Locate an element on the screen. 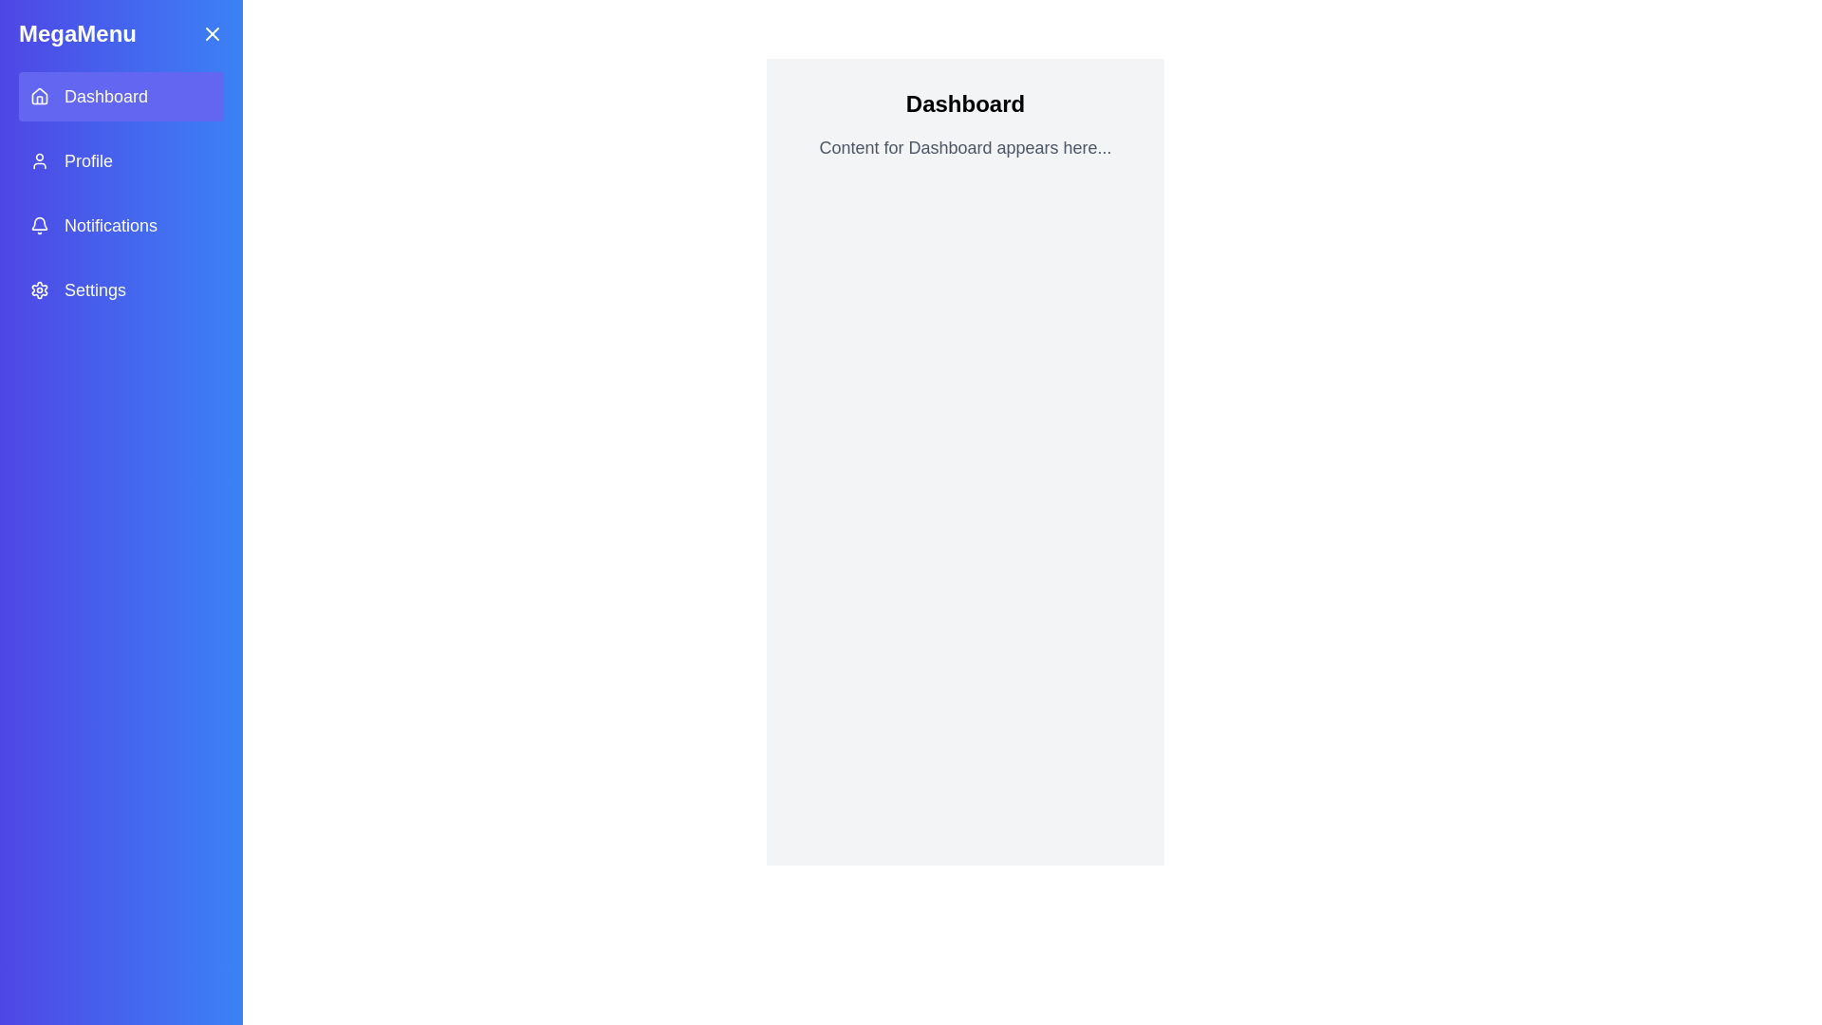 Image resolution: width=1822 pixels, height=1025 pixels. the 'Settings' text label in the sidebar menu, which is displayed in a large, sans-serif font on a gradient blue background, located in the fourth row is located at coordinates (94, 289).